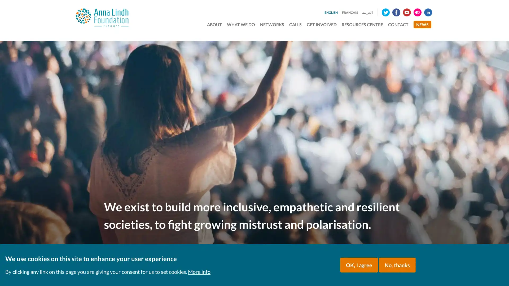  I want to click on No, thanks, so click(397, 265).